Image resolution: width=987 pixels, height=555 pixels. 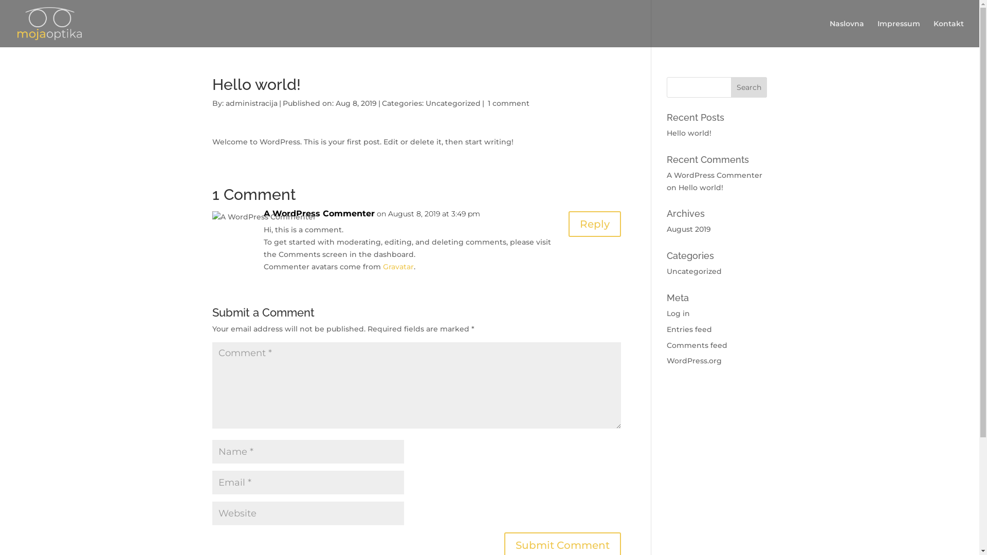 I want to click on 'Uncategorized', so click(x=694, y=271).